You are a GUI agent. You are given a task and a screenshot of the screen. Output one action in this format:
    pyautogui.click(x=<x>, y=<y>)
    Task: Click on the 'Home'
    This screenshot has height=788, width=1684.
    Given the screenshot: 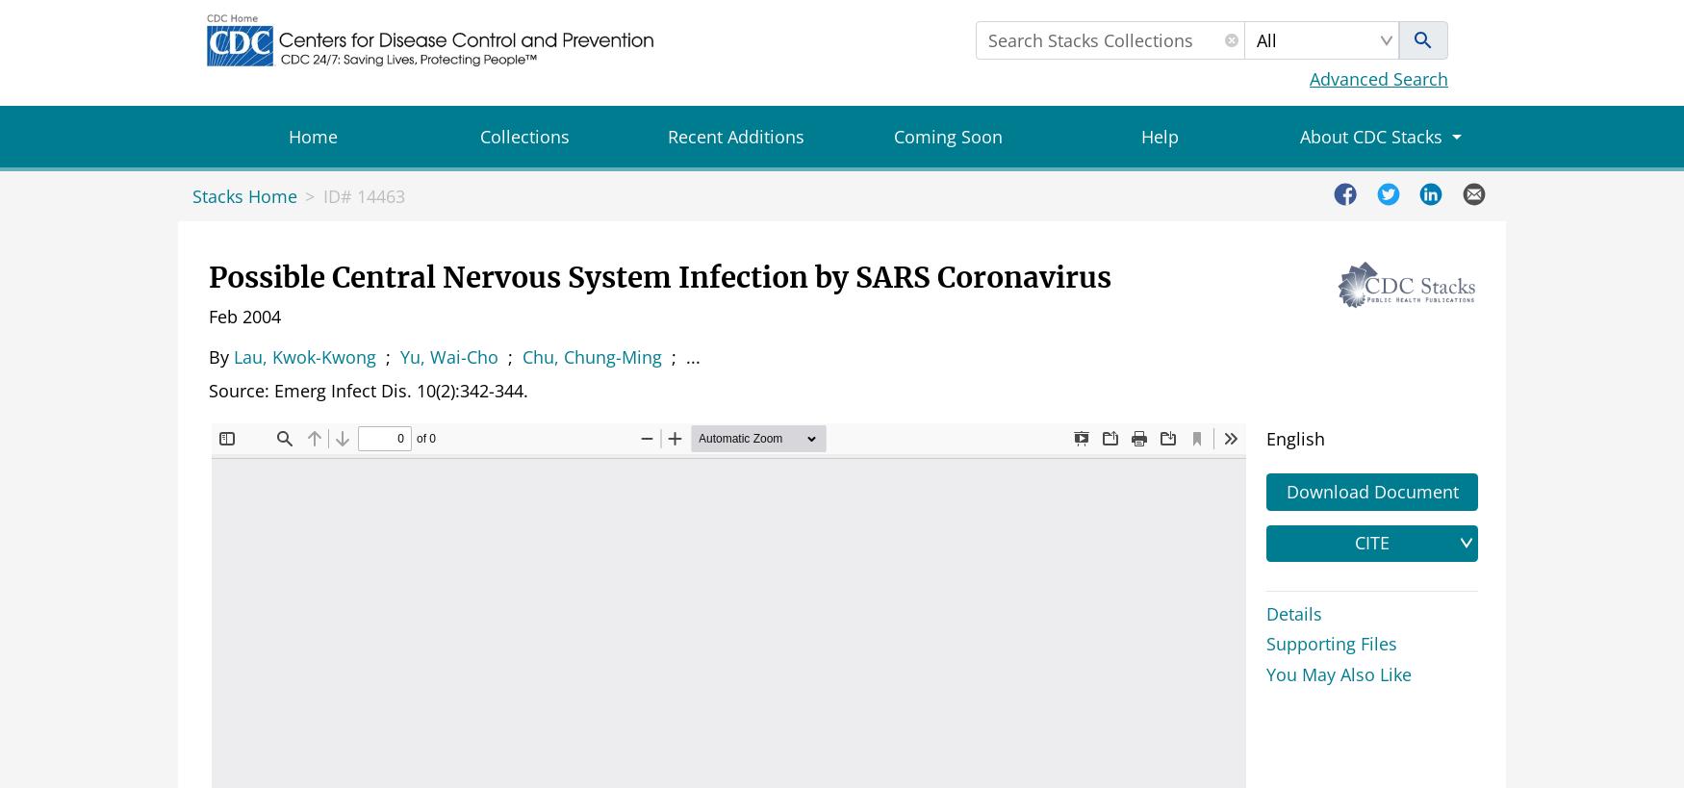 What is the action you would take?
    pyautogui.click(x=312, y=136)
    